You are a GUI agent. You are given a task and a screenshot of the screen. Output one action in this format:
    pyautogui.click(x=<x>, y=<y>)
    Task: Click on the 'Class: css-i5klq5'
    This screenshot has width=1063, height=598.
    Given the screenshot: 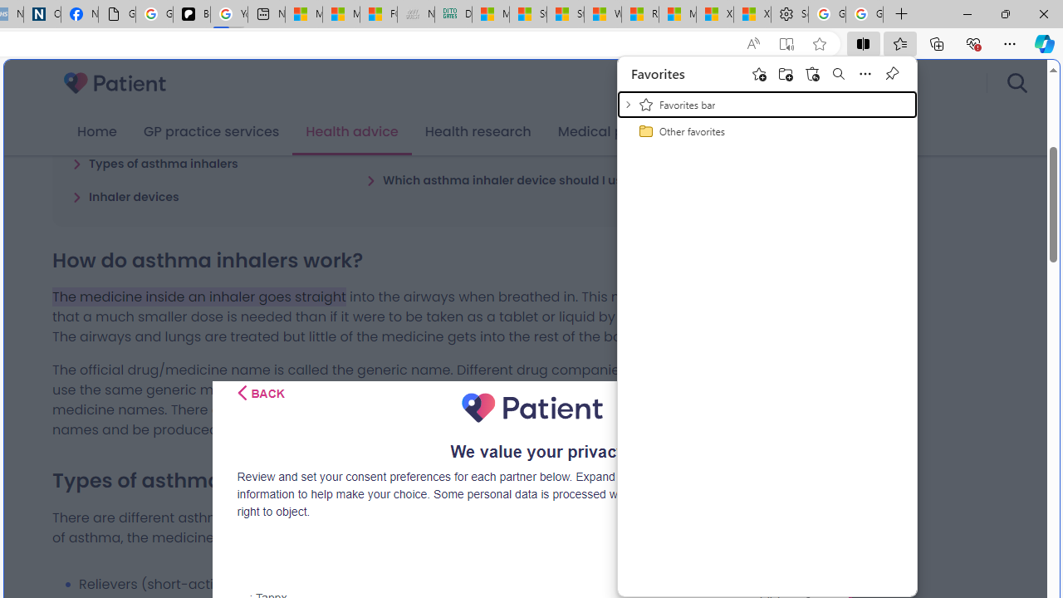 What is the action you would take?
    pyautogui.click(x=241, y=393)
    